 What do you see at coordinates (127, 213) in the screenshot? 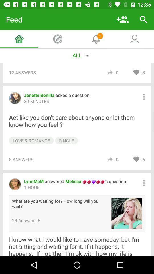
I see `icon next to the what are you` at bounding box center [127, 213].